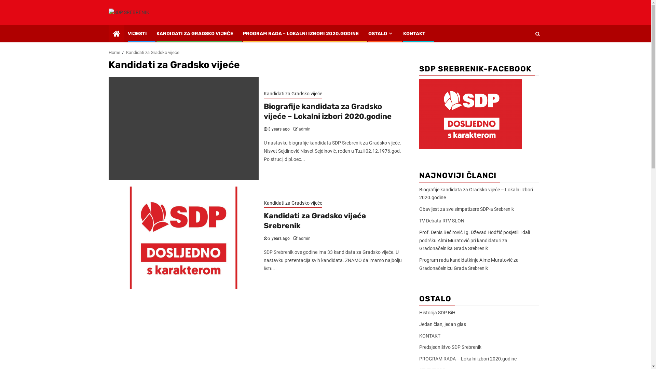 The image size is (656, 369). I want to click on 'Obavijest za sve simpatizere SDP-a Srebrenik', so click(466, 209).